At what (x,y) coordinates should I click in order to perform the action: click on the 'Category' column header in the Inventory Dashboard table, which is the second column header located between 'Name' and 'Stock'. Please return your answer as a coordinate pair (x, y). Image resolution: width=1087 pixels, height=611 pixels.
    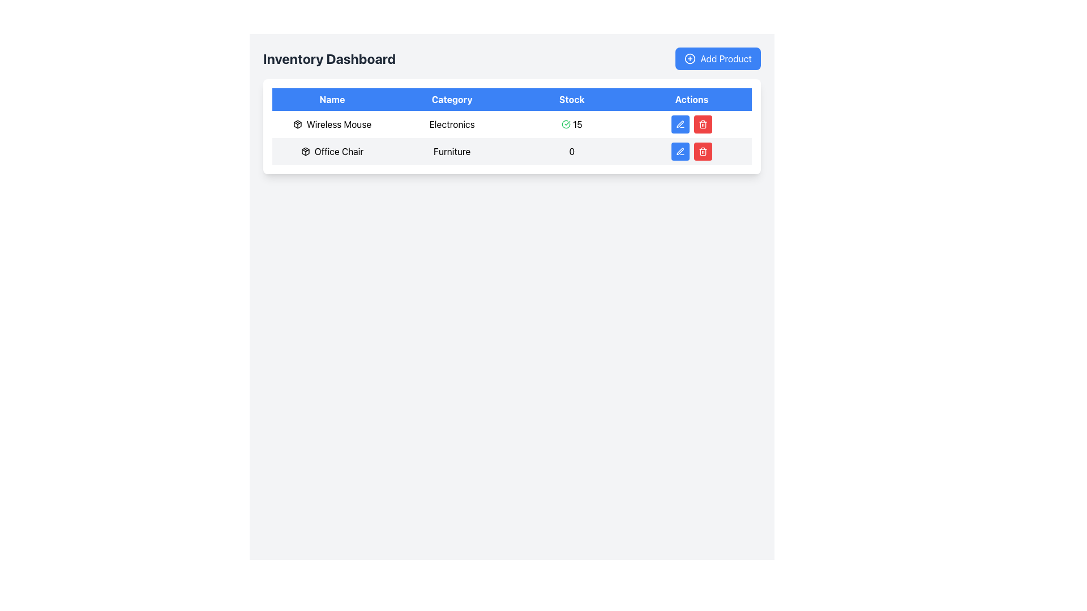
    Looking at the image, I should click on (451, 99).